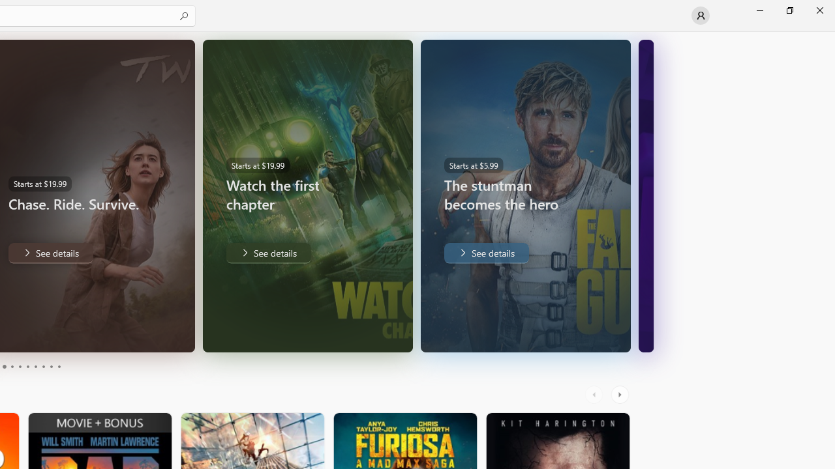 The image size is (835, 469). What do you see at coordinates (699, 16) in the screenshot?
I see `'User profile'` at bounding box center [699, 16].